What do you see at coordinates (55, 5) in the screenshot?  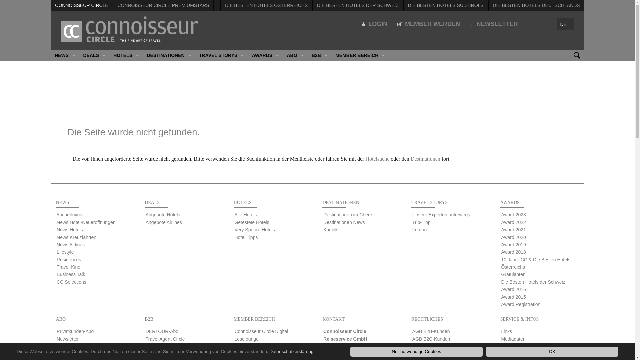 I see `'CONNOISSEUR CIRCLE'` at bounding box center [55, 5].